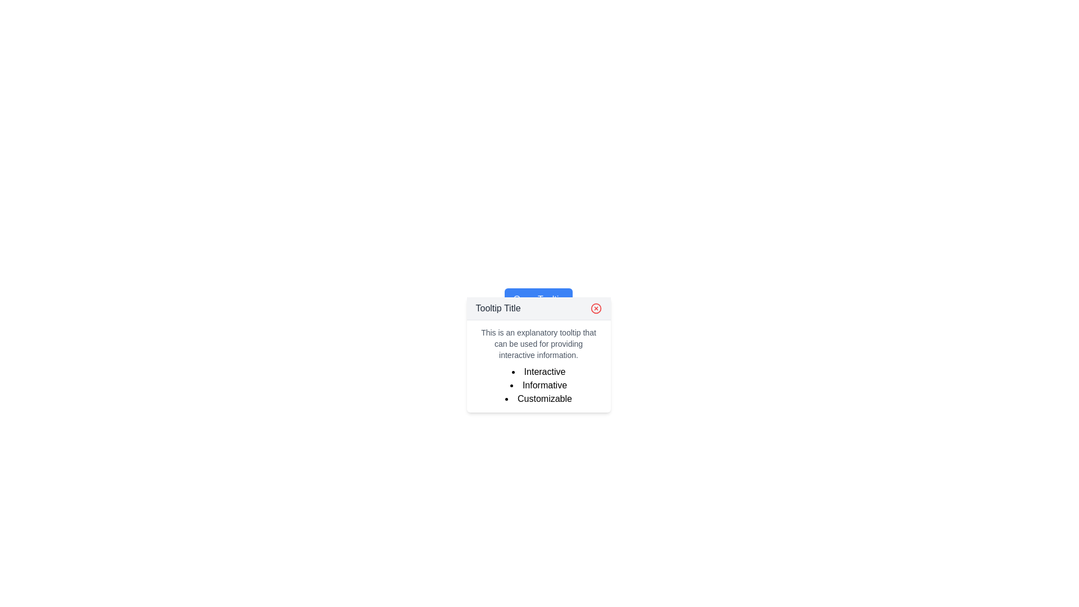 Image resolution: width=1079 pixels, height=607 pixels. Describe the element at coordinates (538, 298) in the screenshot. I see `the close button of the tooltip located slightly below the 'Open Tooltip' blue button` at that location.